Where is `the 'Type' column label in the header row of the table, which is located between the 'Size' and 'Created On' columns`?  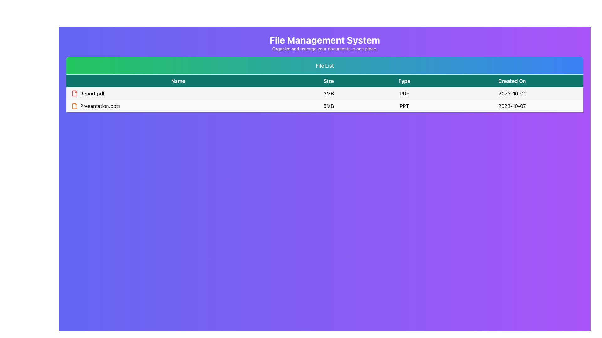
the 'Type' column label in the header row of the table, which is located between the 'Size' and 'Created On' columns is located at coordinates (404, 80).